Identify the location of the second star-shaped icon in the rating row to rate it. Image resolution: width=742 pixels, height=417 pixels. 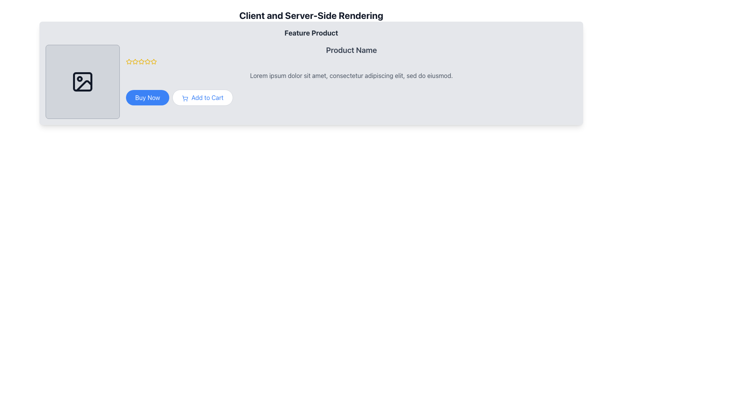
(141, 61).